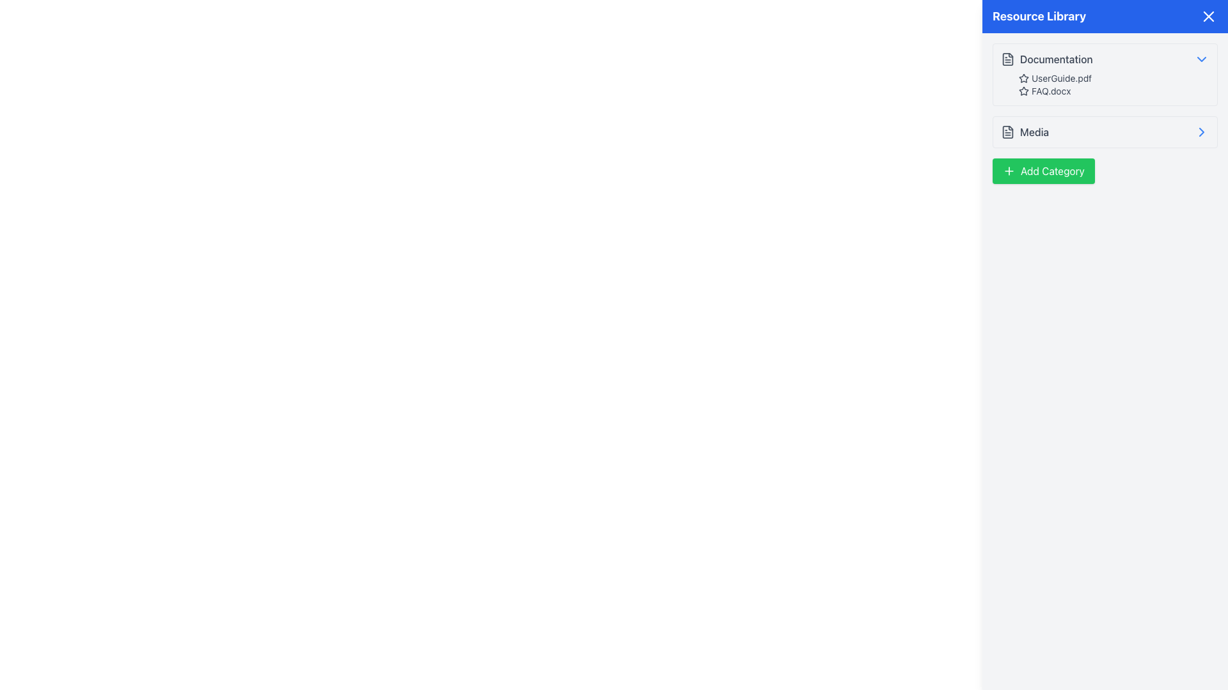 The width and height of the screenshot is (1228, 690). What do you see at coordinates (1200, 132) in the screenshot?
I see `the right-pointing chevron icon within the 'Media' section of the 'Resource Library' panel to interact with it` at bounding box center [1200, 132].